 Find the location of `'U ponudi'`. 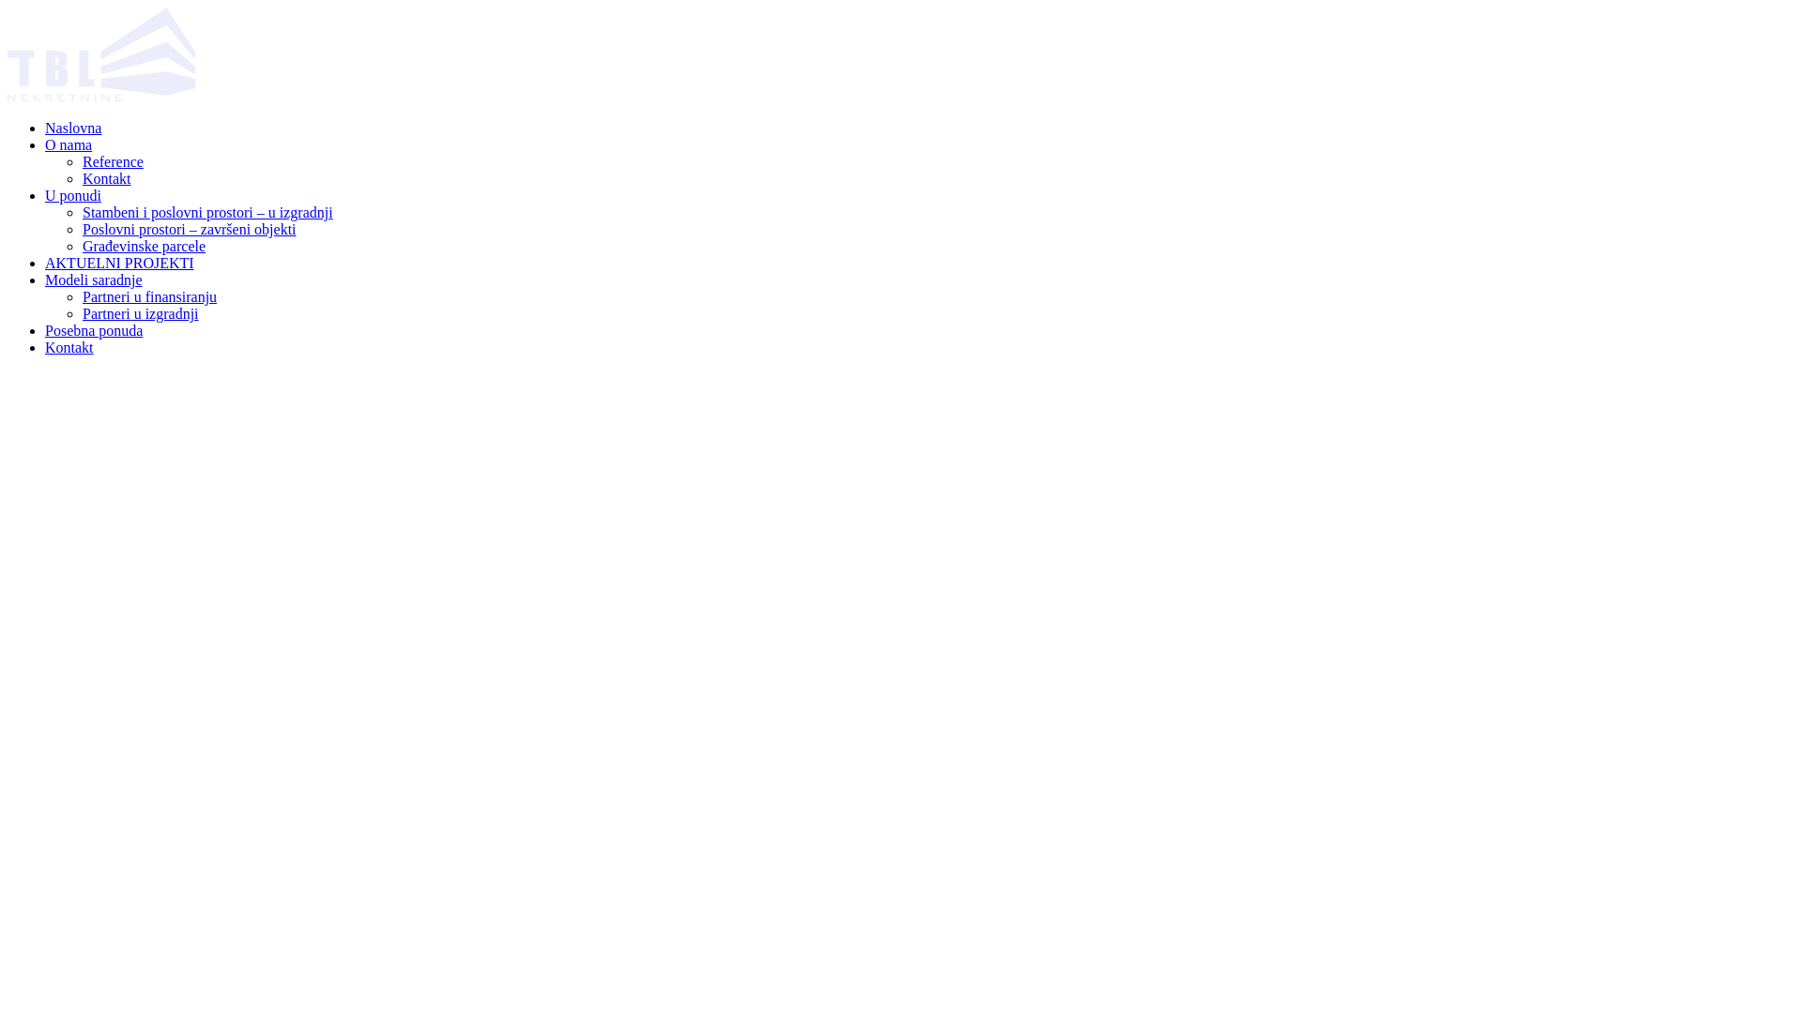

'U ponudi' is located at coordinates (72, 195).